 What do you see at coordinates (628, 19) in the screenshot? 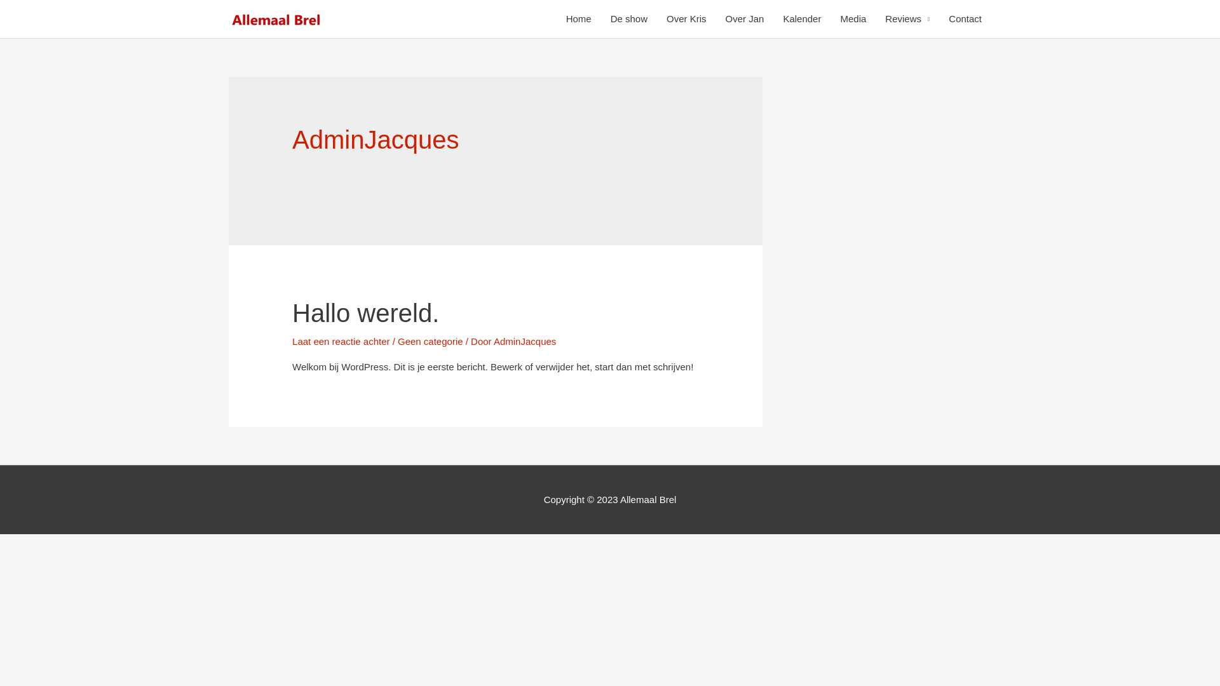
I see `'De show'` at bounding box center [628, 19].